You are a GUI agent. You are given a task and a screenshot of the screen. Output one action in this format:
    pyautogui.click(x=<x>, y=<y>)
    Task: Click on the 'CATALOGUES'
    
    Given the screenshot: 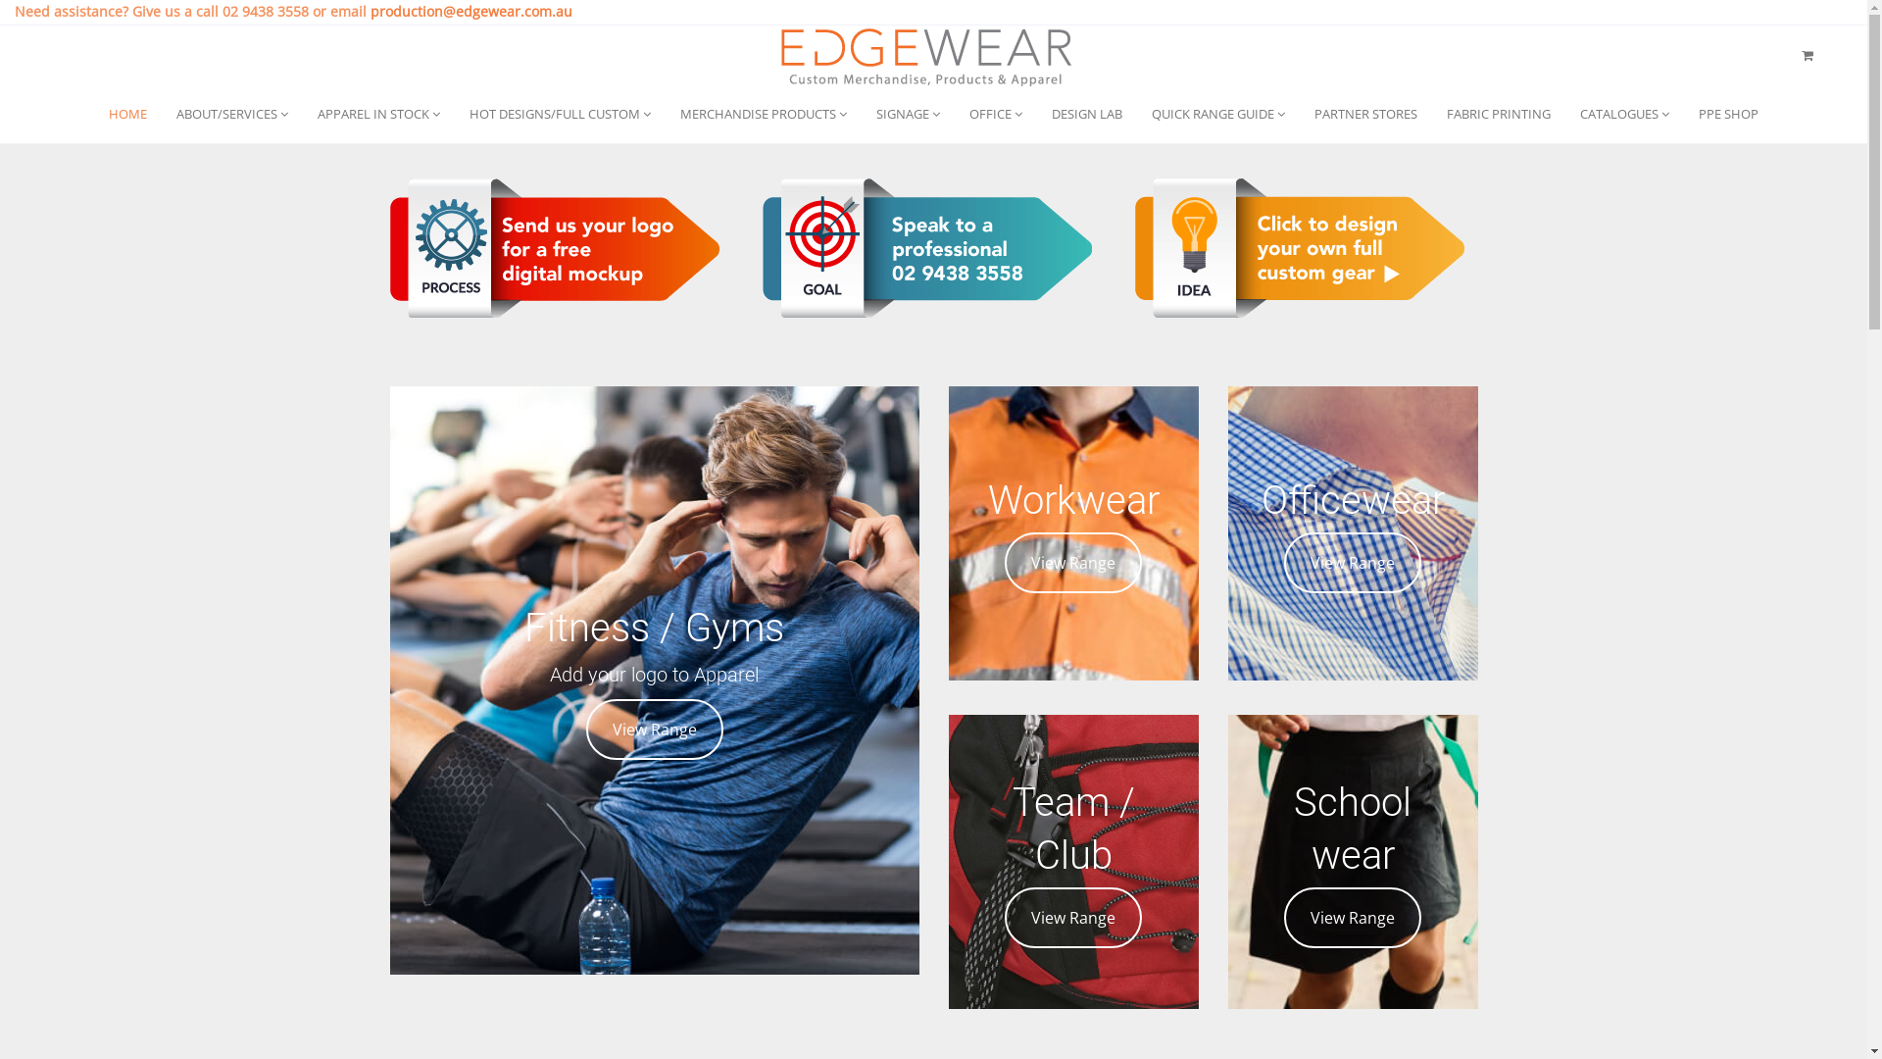 What is the action you would take?
    pyautogui.click(x=1564, y=113)
    